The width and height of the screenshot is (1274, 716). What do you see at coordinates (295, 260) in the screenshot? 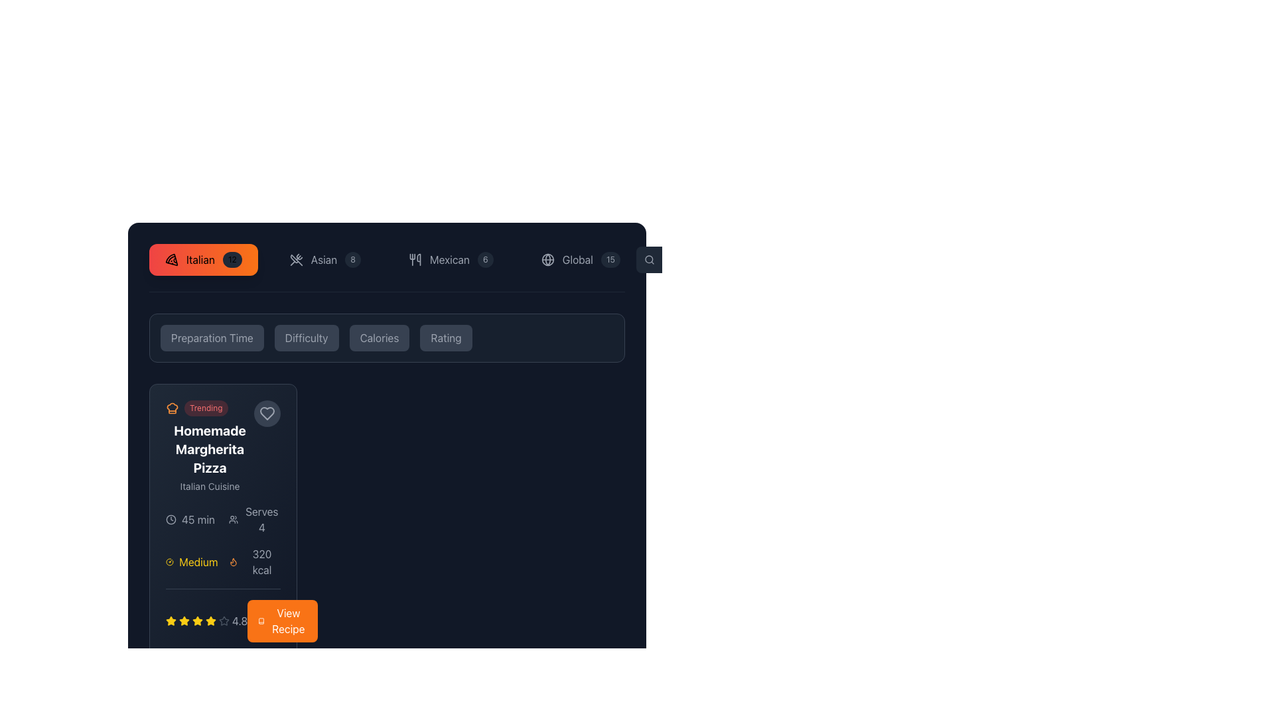
I see `the food icon that represents culinary content, located to the left of the text 'Asian 8'` at bounding box center [295, 260].